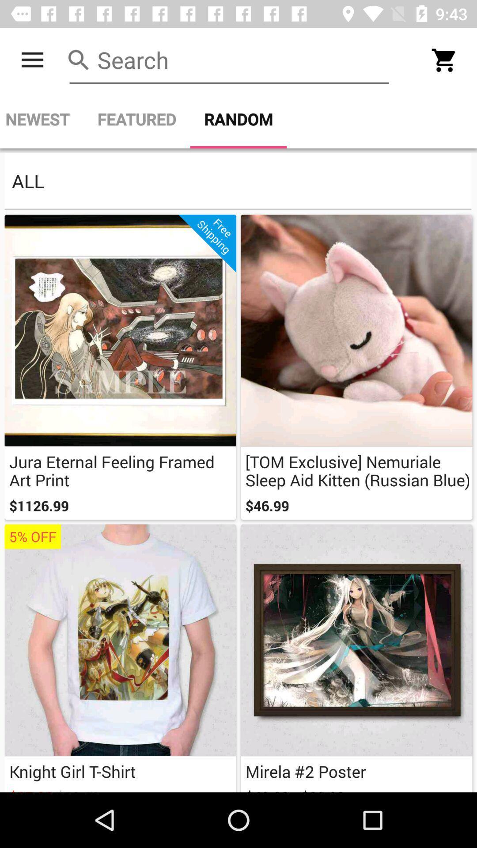 This screenshot has width=477, height=848. What do you see at coordinates (42, 119) in the screenshot?
I see `the newest item` at bounding box center [42, 119].